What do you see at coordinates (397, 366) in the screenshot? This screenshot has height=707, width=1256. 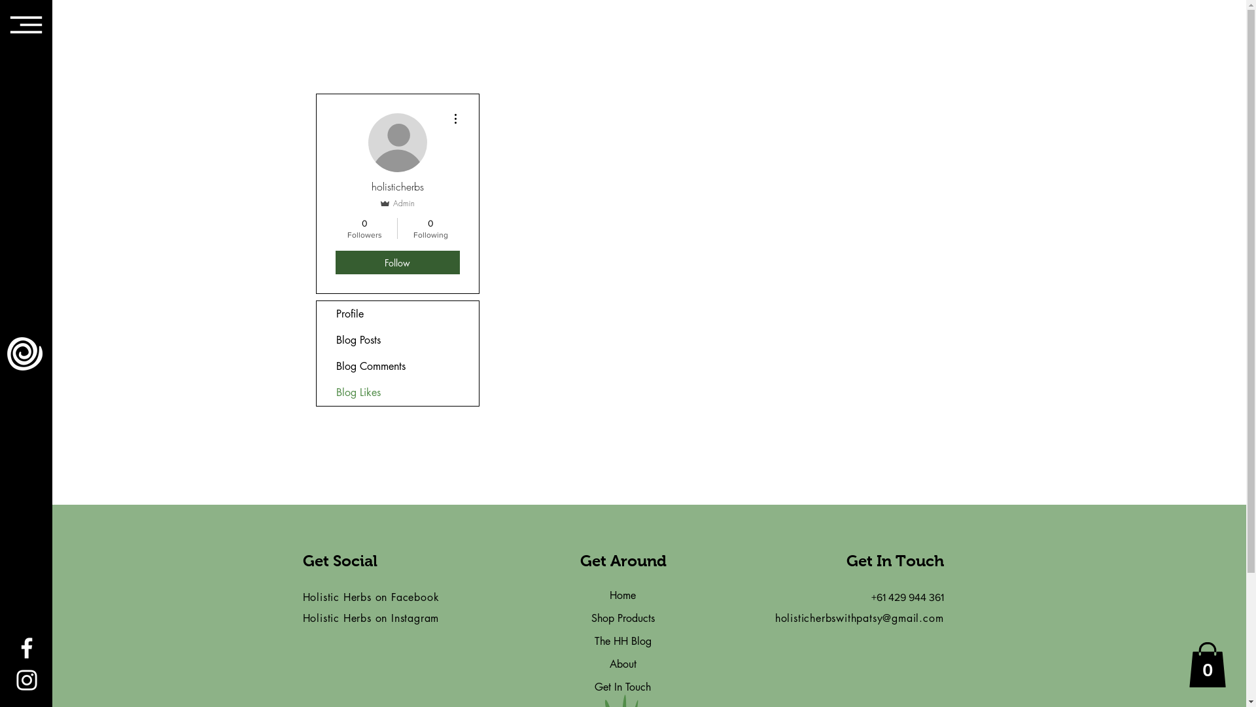 I see `'Blog Comments'` at bounding box center [397, 366].